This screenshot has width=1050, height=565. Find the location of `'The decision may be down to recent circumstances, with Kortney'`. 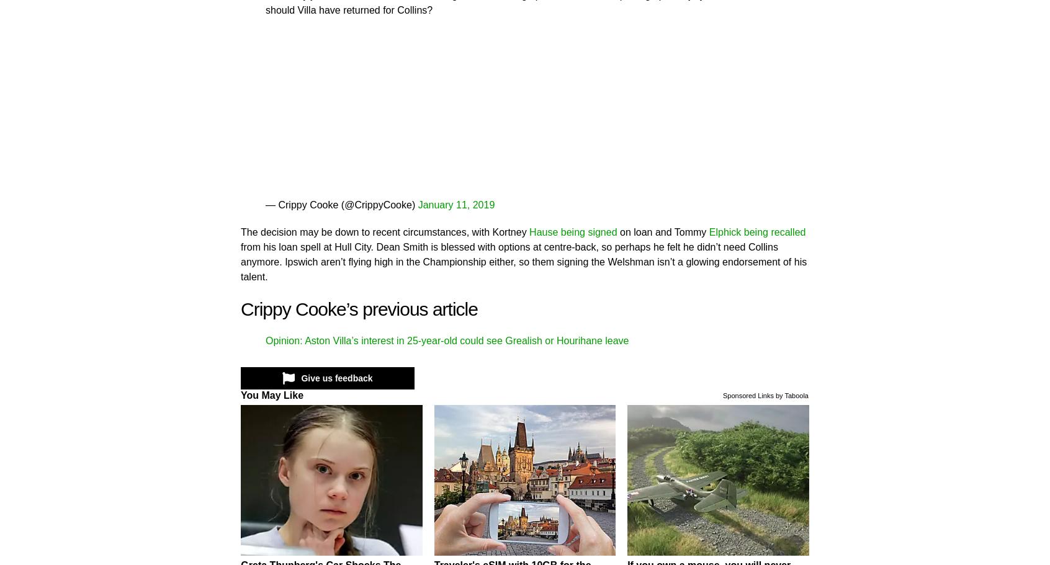

'The decision may be down to recent circumstances, with Kortney' is located at coordinates (240, 231).